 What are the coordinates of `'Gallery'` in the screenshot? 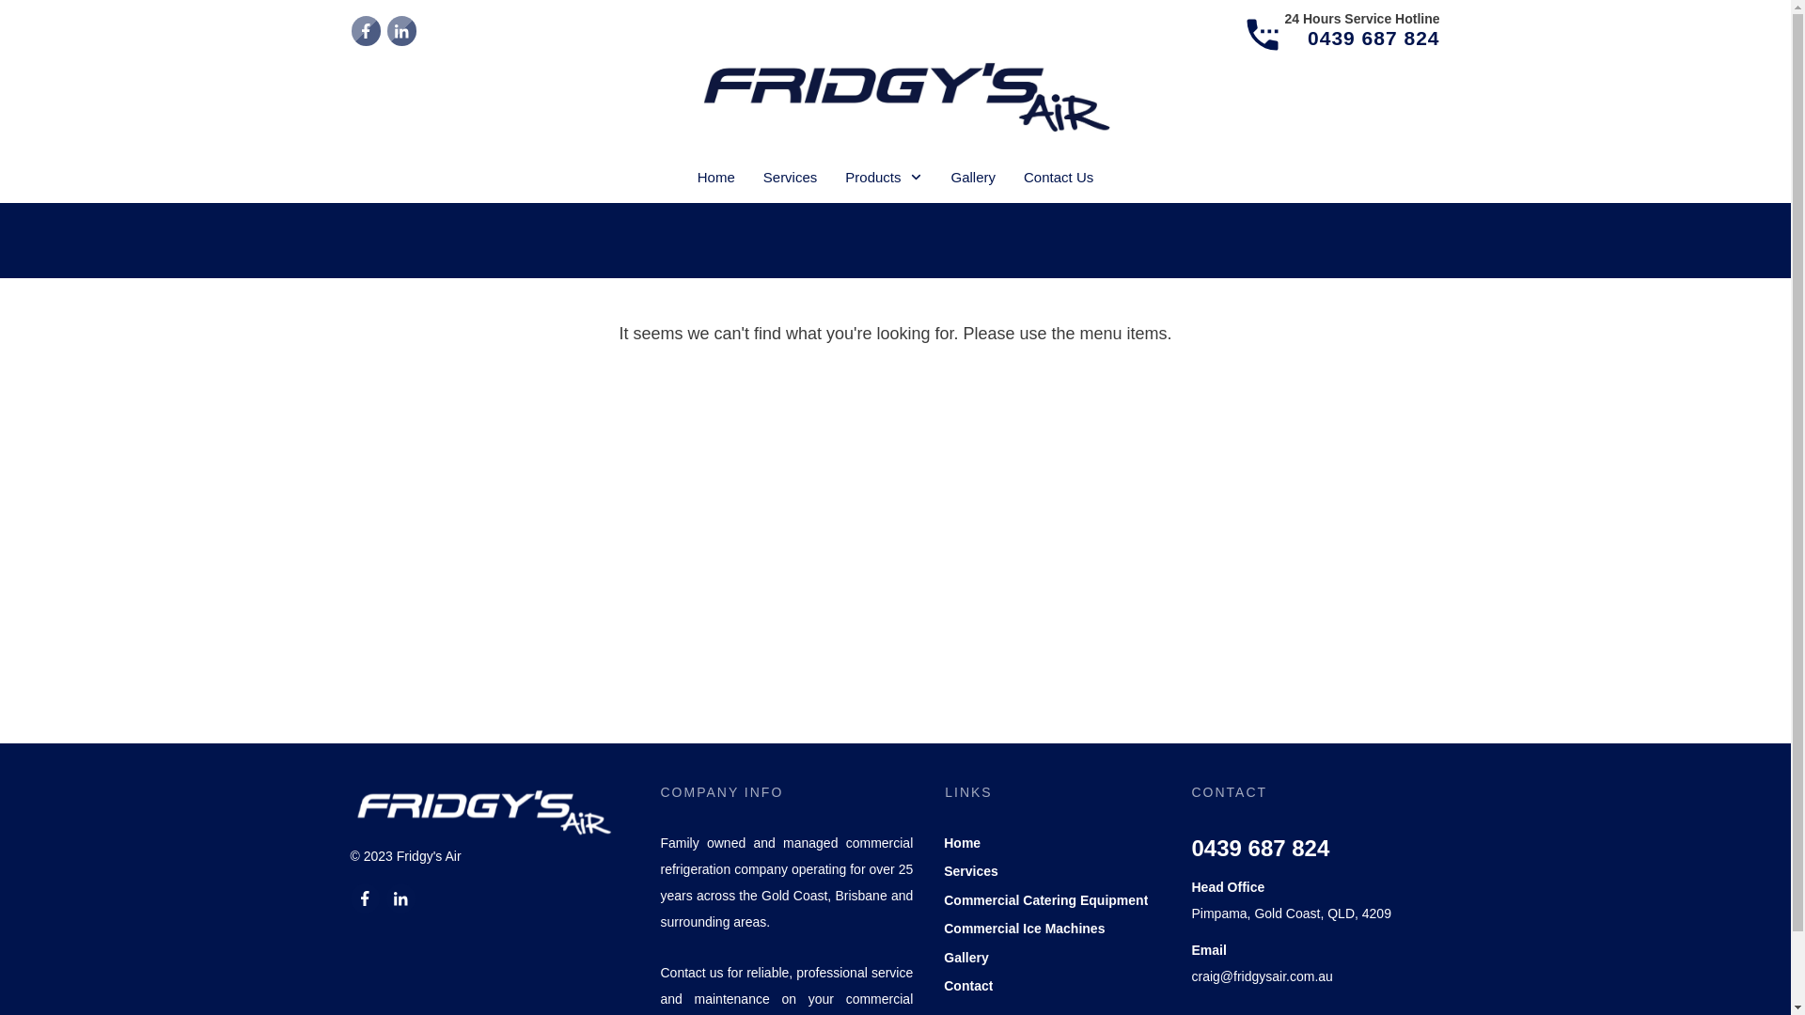 It's located at (965, 957).